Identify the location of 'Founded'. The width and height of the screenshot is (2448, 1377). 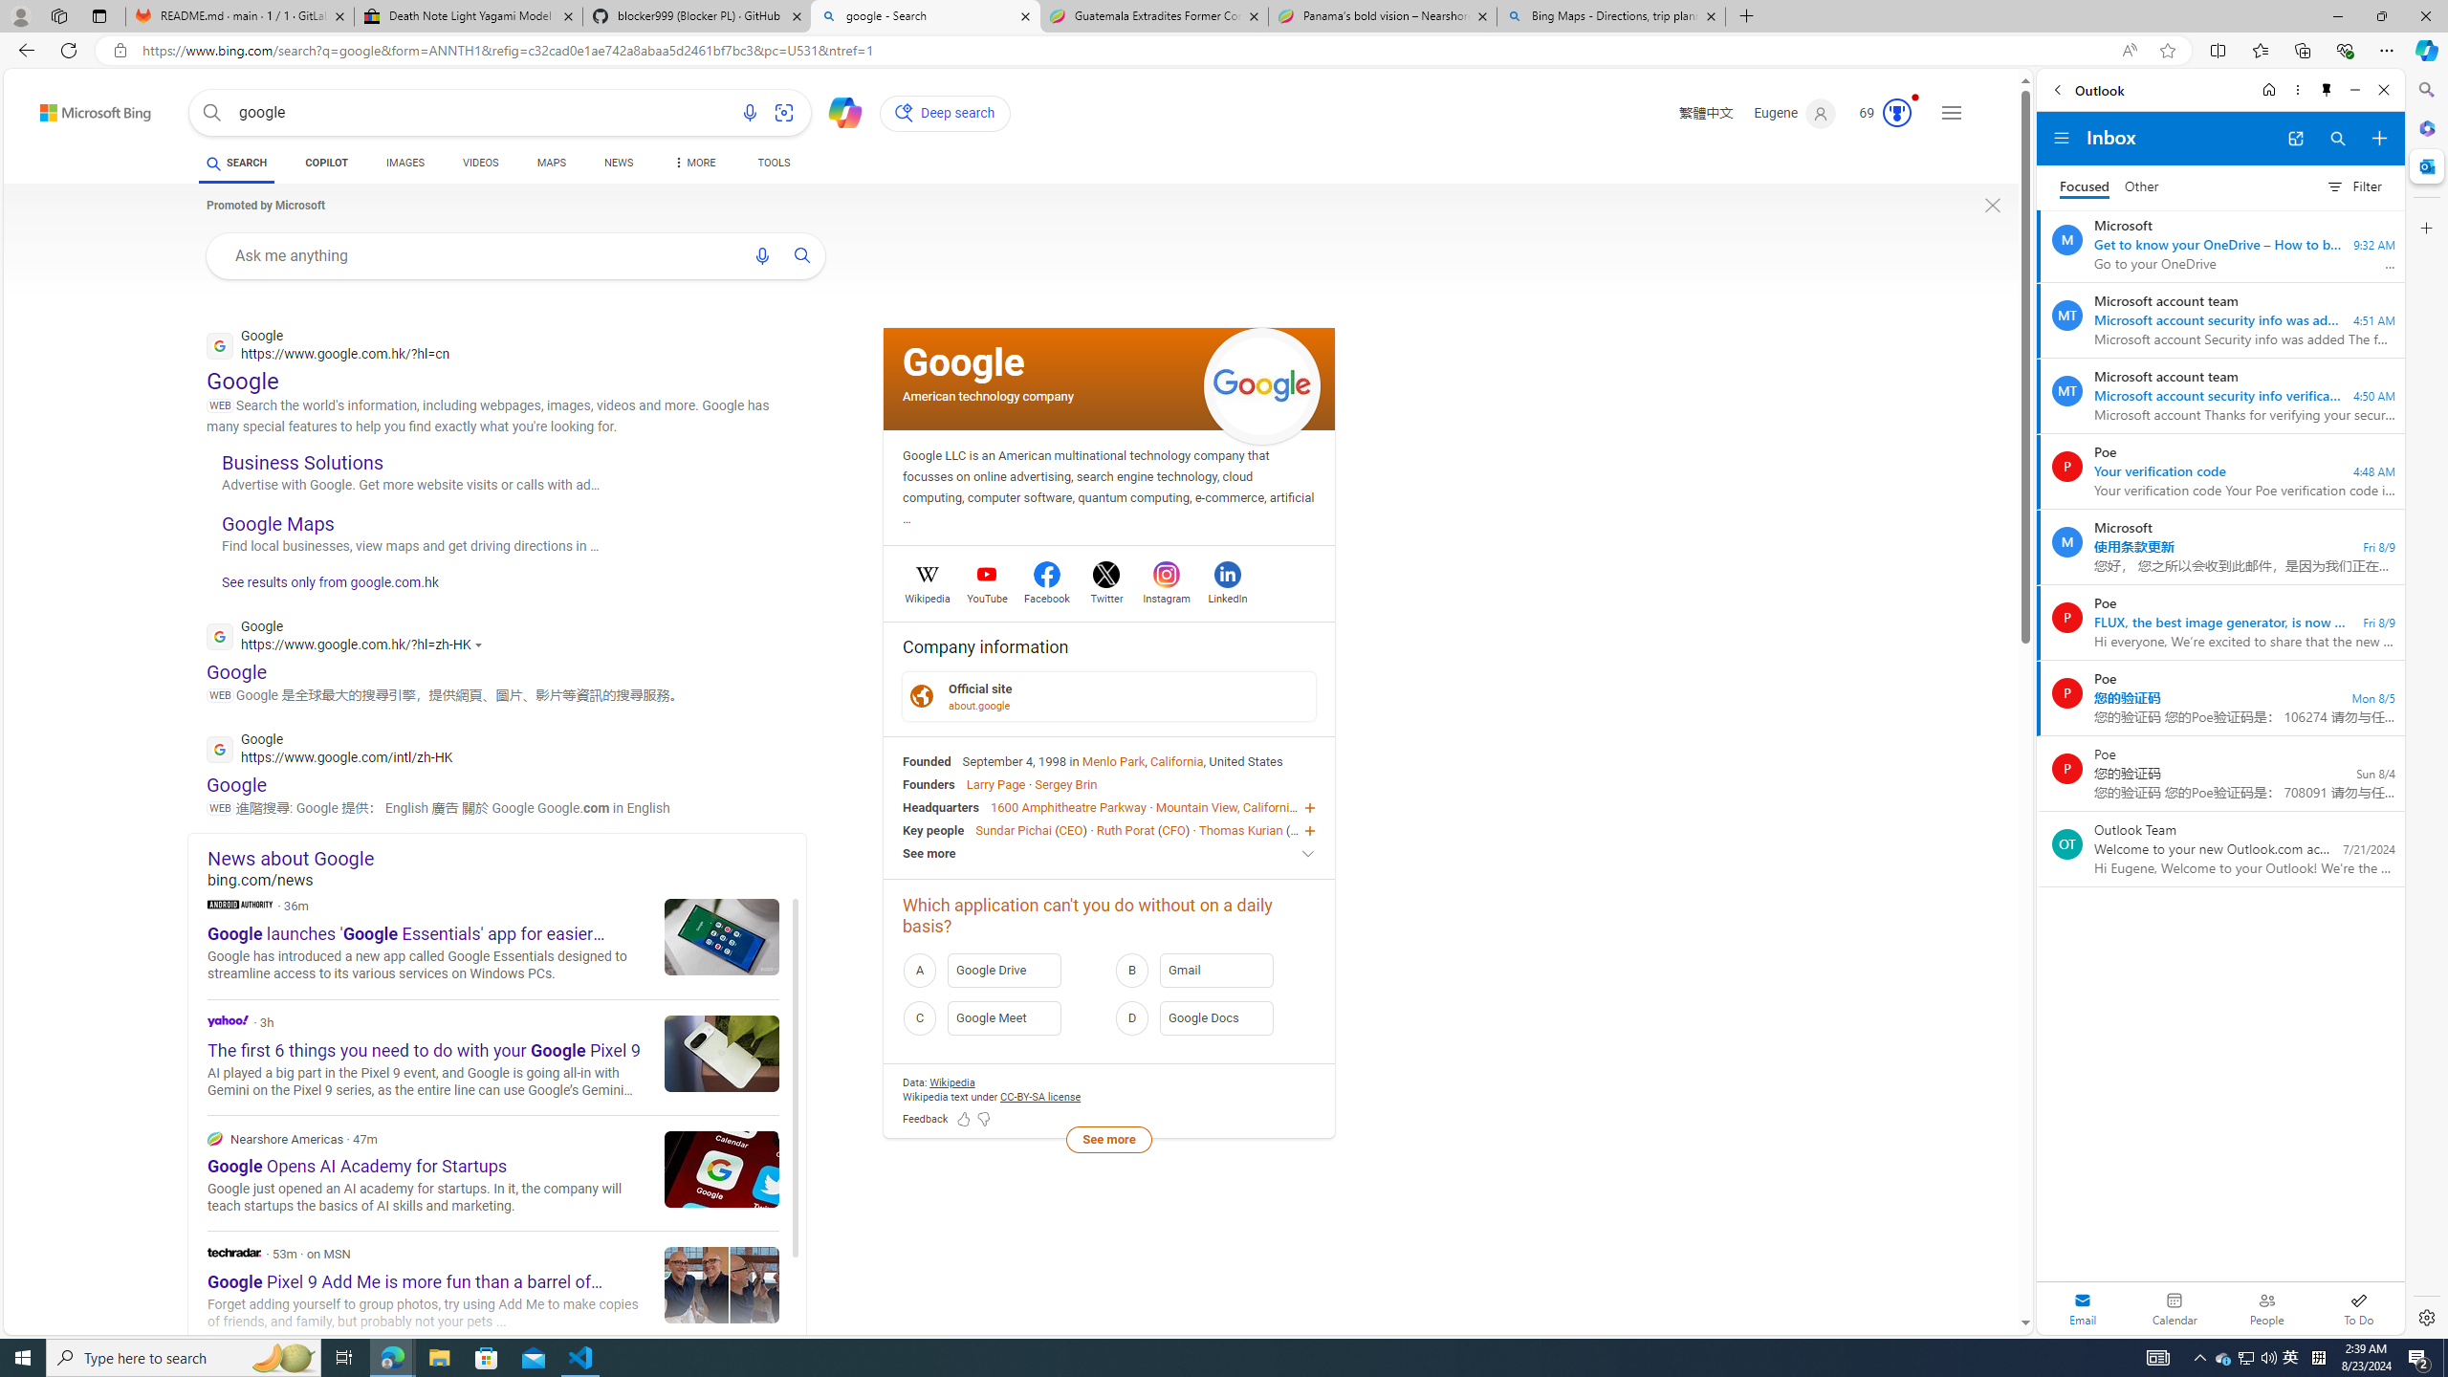
(928, 759).